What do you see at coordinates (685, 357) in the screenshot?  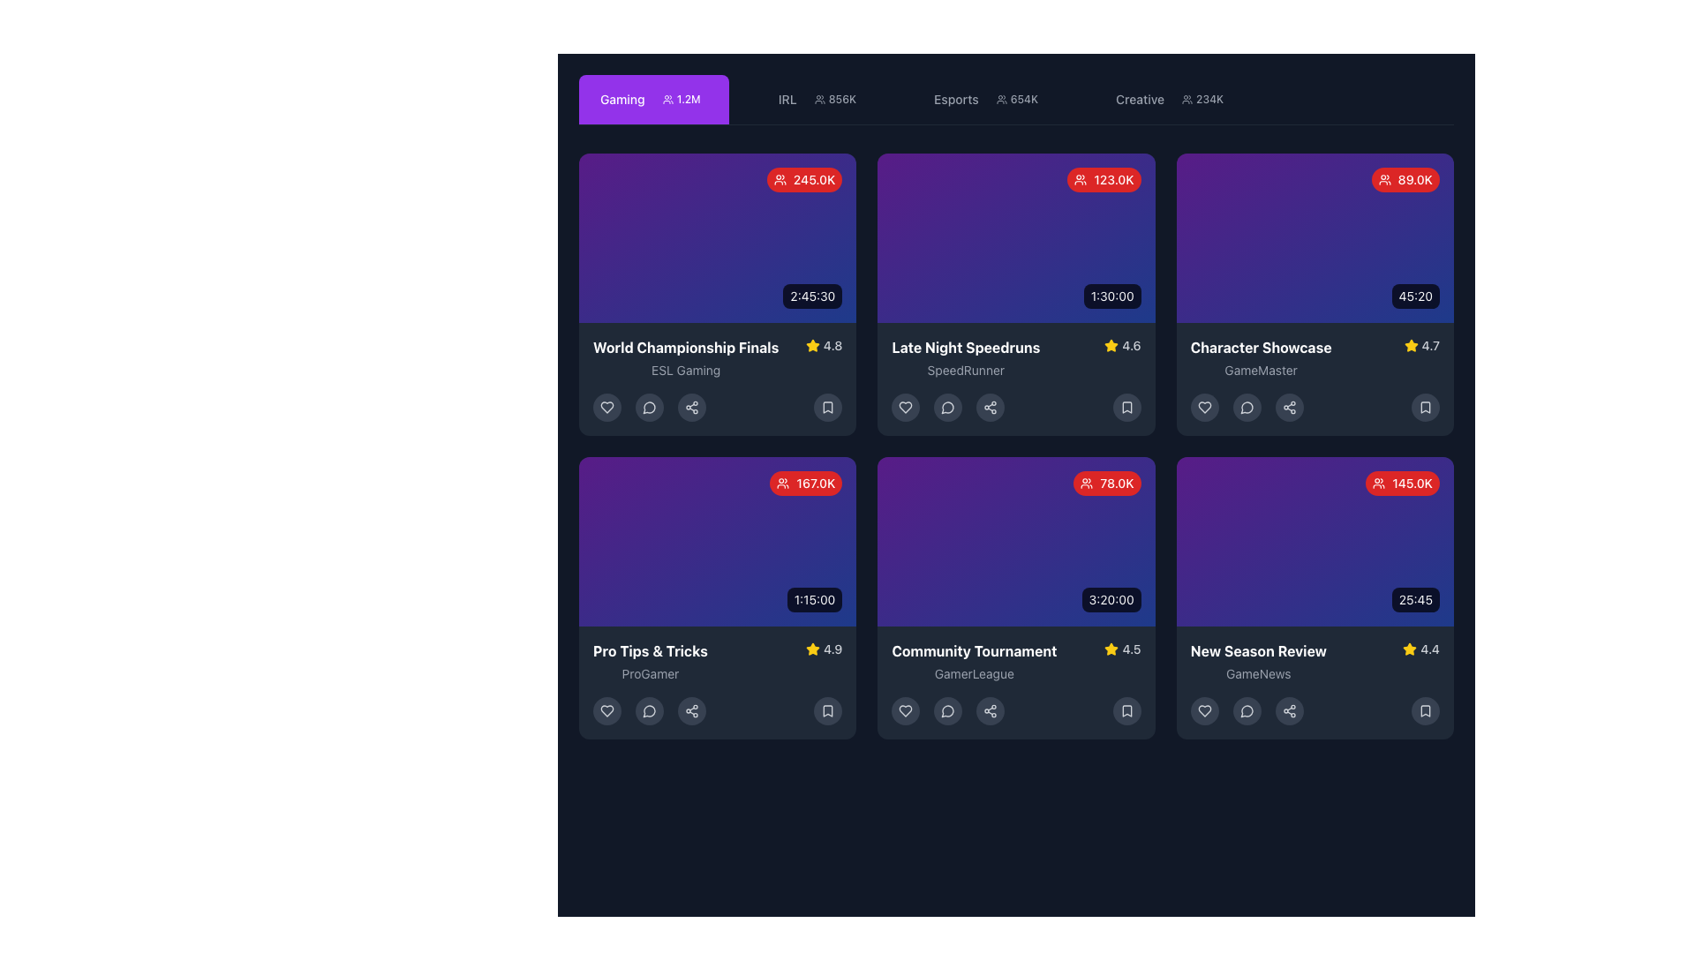 I see `the text block that contains the bold white text 'World Championship Finals' and the smaller light gray text 'ESL Gaming', which is located in the first card of the grid layout` at bounding box center [685, 357].